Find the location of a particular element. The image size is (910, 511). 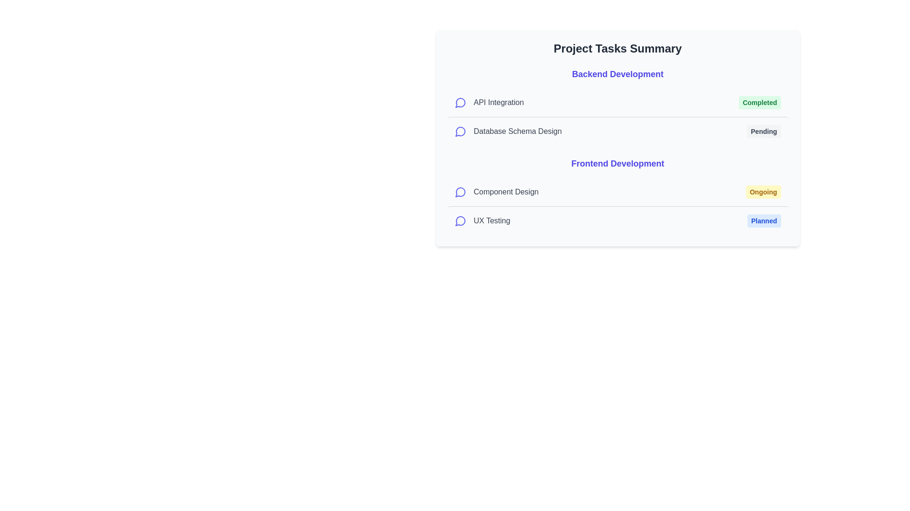

the Status label indicating the ongoing task 'Component Design' to possibly open a detailed view of the task status is located at coordinates (763, 192).